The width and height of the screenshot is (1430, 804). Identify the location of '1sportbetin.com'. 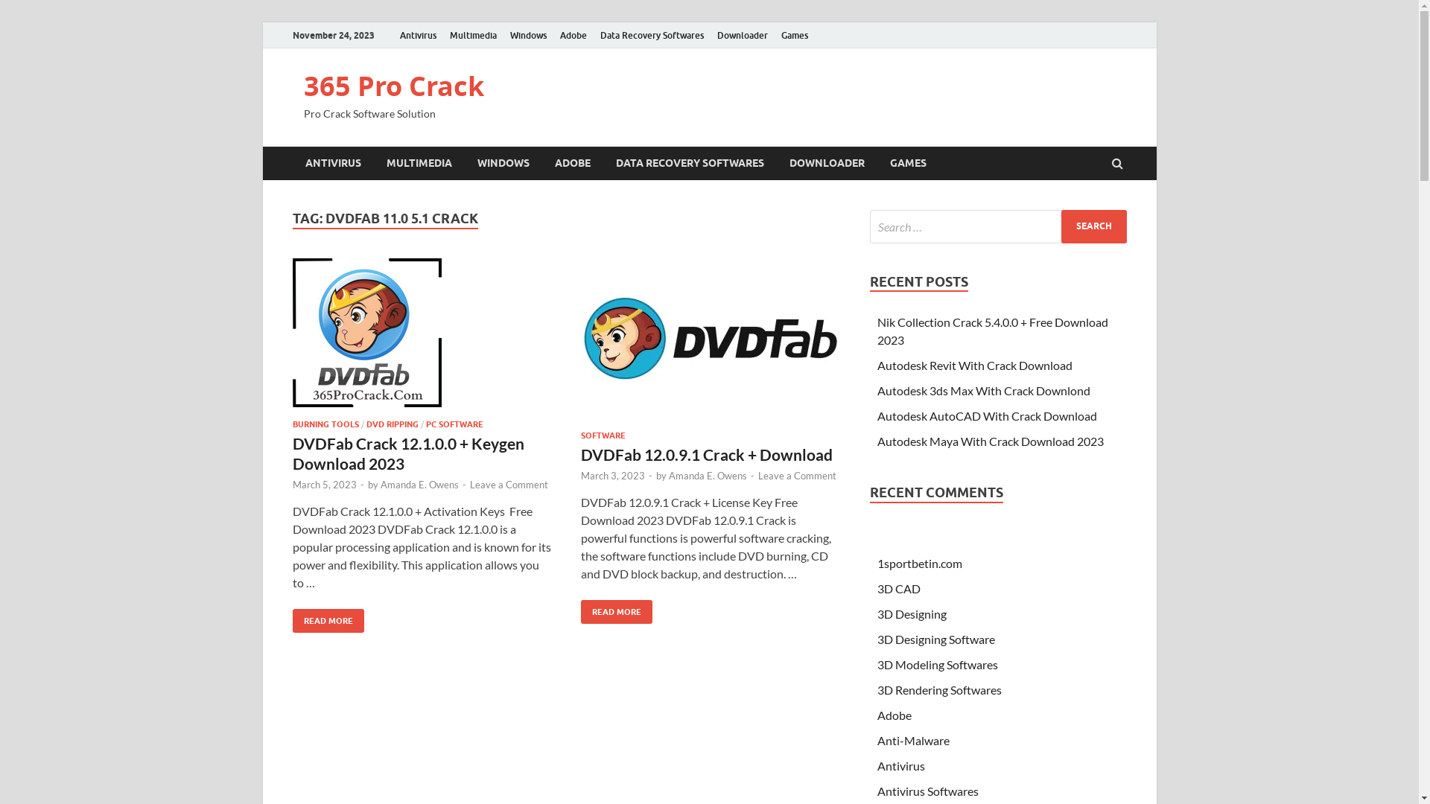
(918, 563).